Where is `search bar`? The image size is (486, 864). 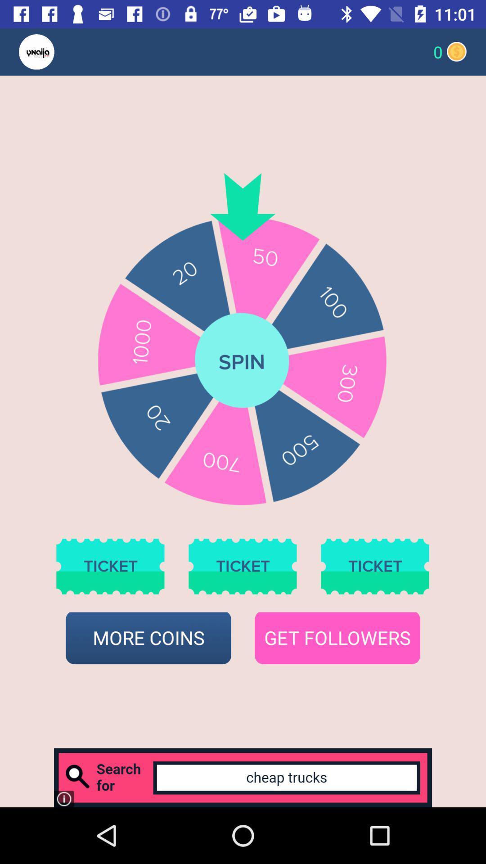
search bar is located at coordinates (243, 777).